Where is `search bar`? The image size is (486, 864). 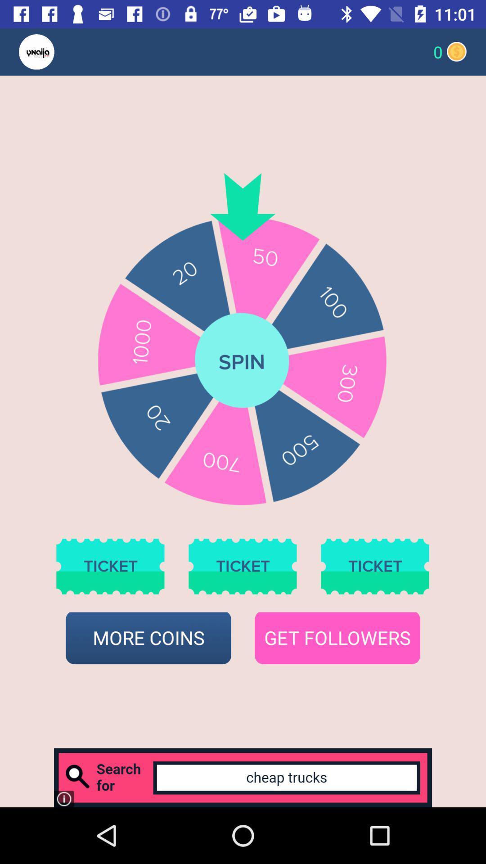
search bar is located at coordinates (243, 777).